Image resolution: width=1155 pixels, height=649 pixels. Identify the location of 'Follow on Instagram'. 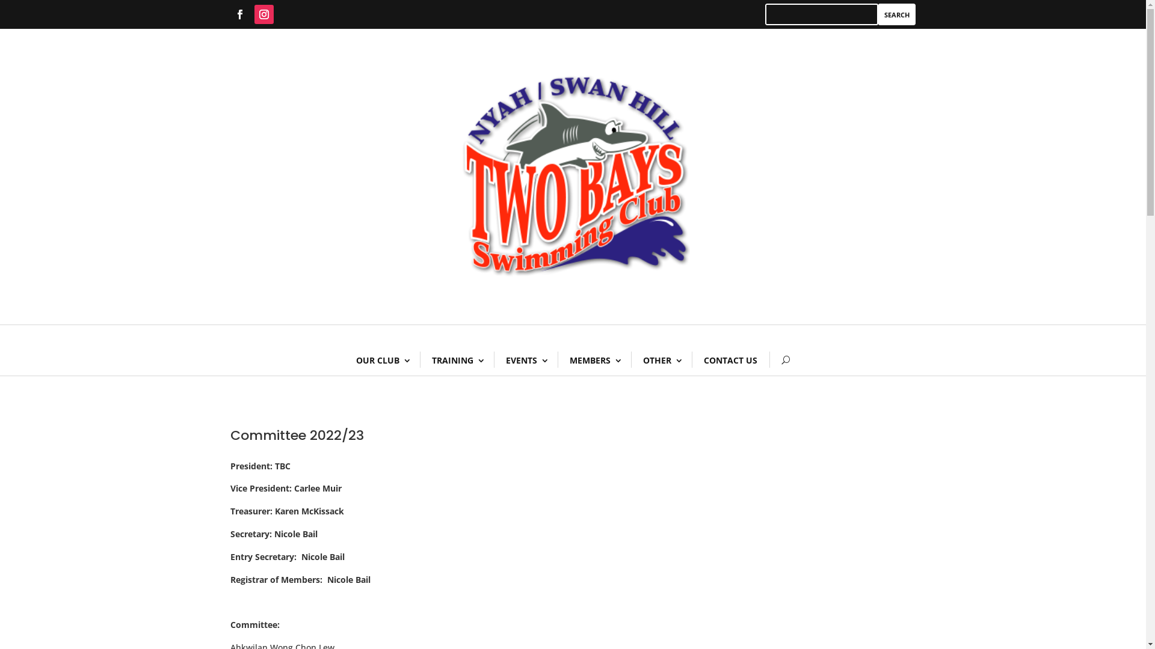
(262, 14).